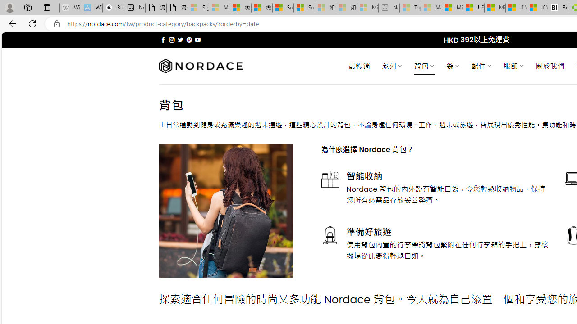  Describe the element at coordinates (113, 8) in the screenshot. I see `'Buy iPad - Apple'` at that location.